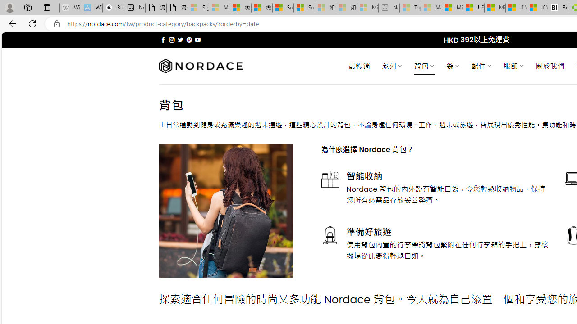  Describe the element at coordinates (113, 8) in the screenshot. I see `'Buy iPad - Apple'` at that location.